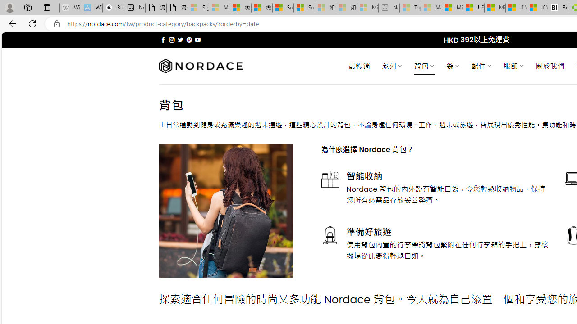  Describe the element at coordinates (113, 8) in the screenshot. I see `'Buy iPad - Apple'` at that location.